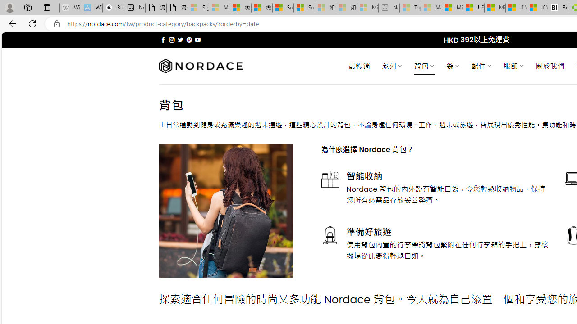  Describe the element at coordinates (113, 8) in the screenshot. I see `'Buy iPad - Apple'` at that location.